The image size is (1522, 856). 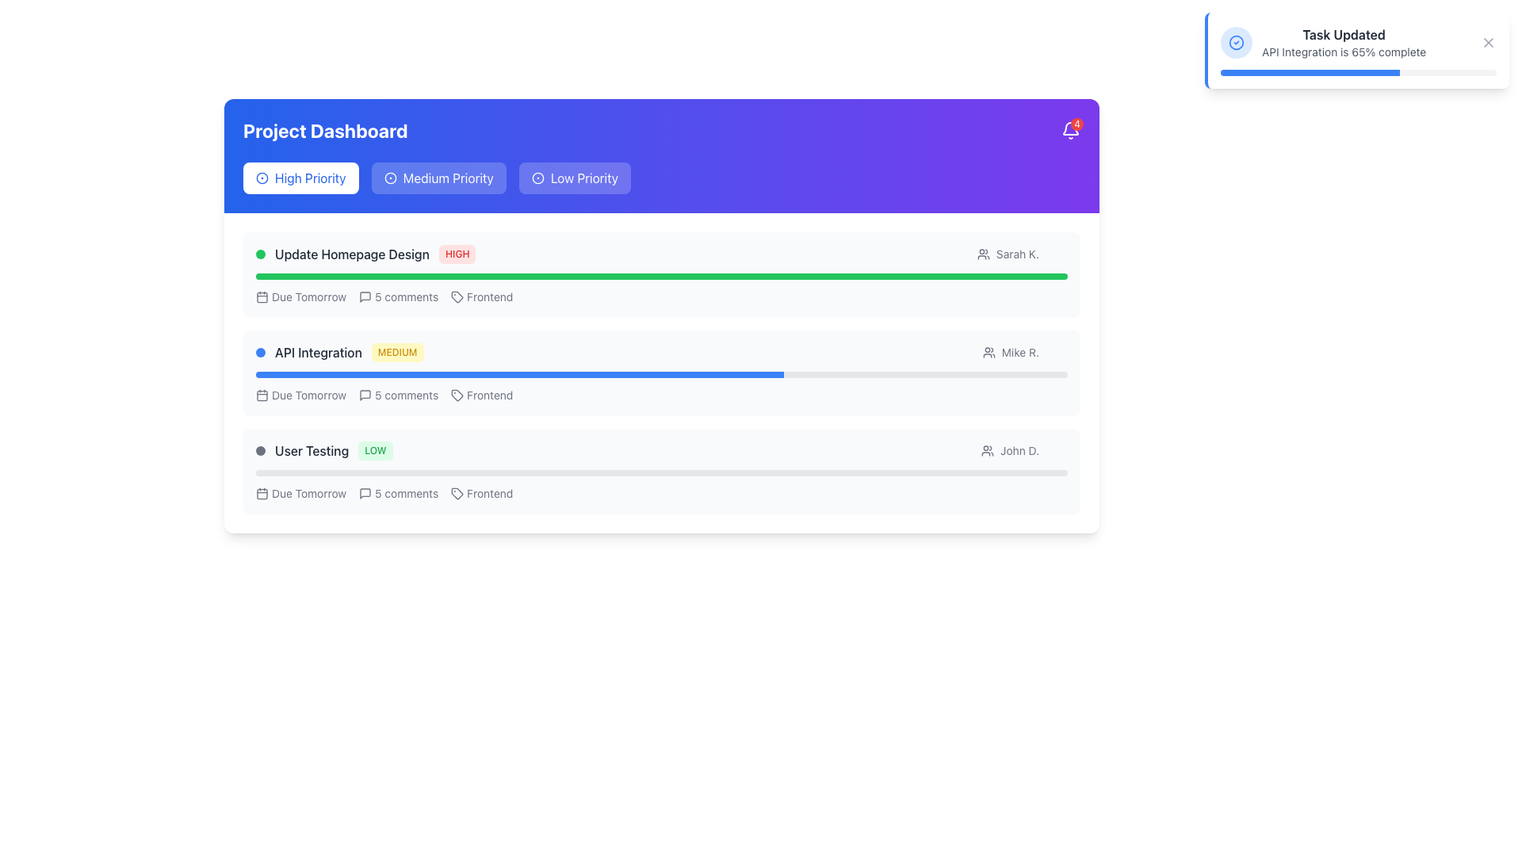 I want to click on the small calendar icon located at the beginning of the 'Due Tomorrow' text in the 'API Integration' task section, so click(x=262, y=394).